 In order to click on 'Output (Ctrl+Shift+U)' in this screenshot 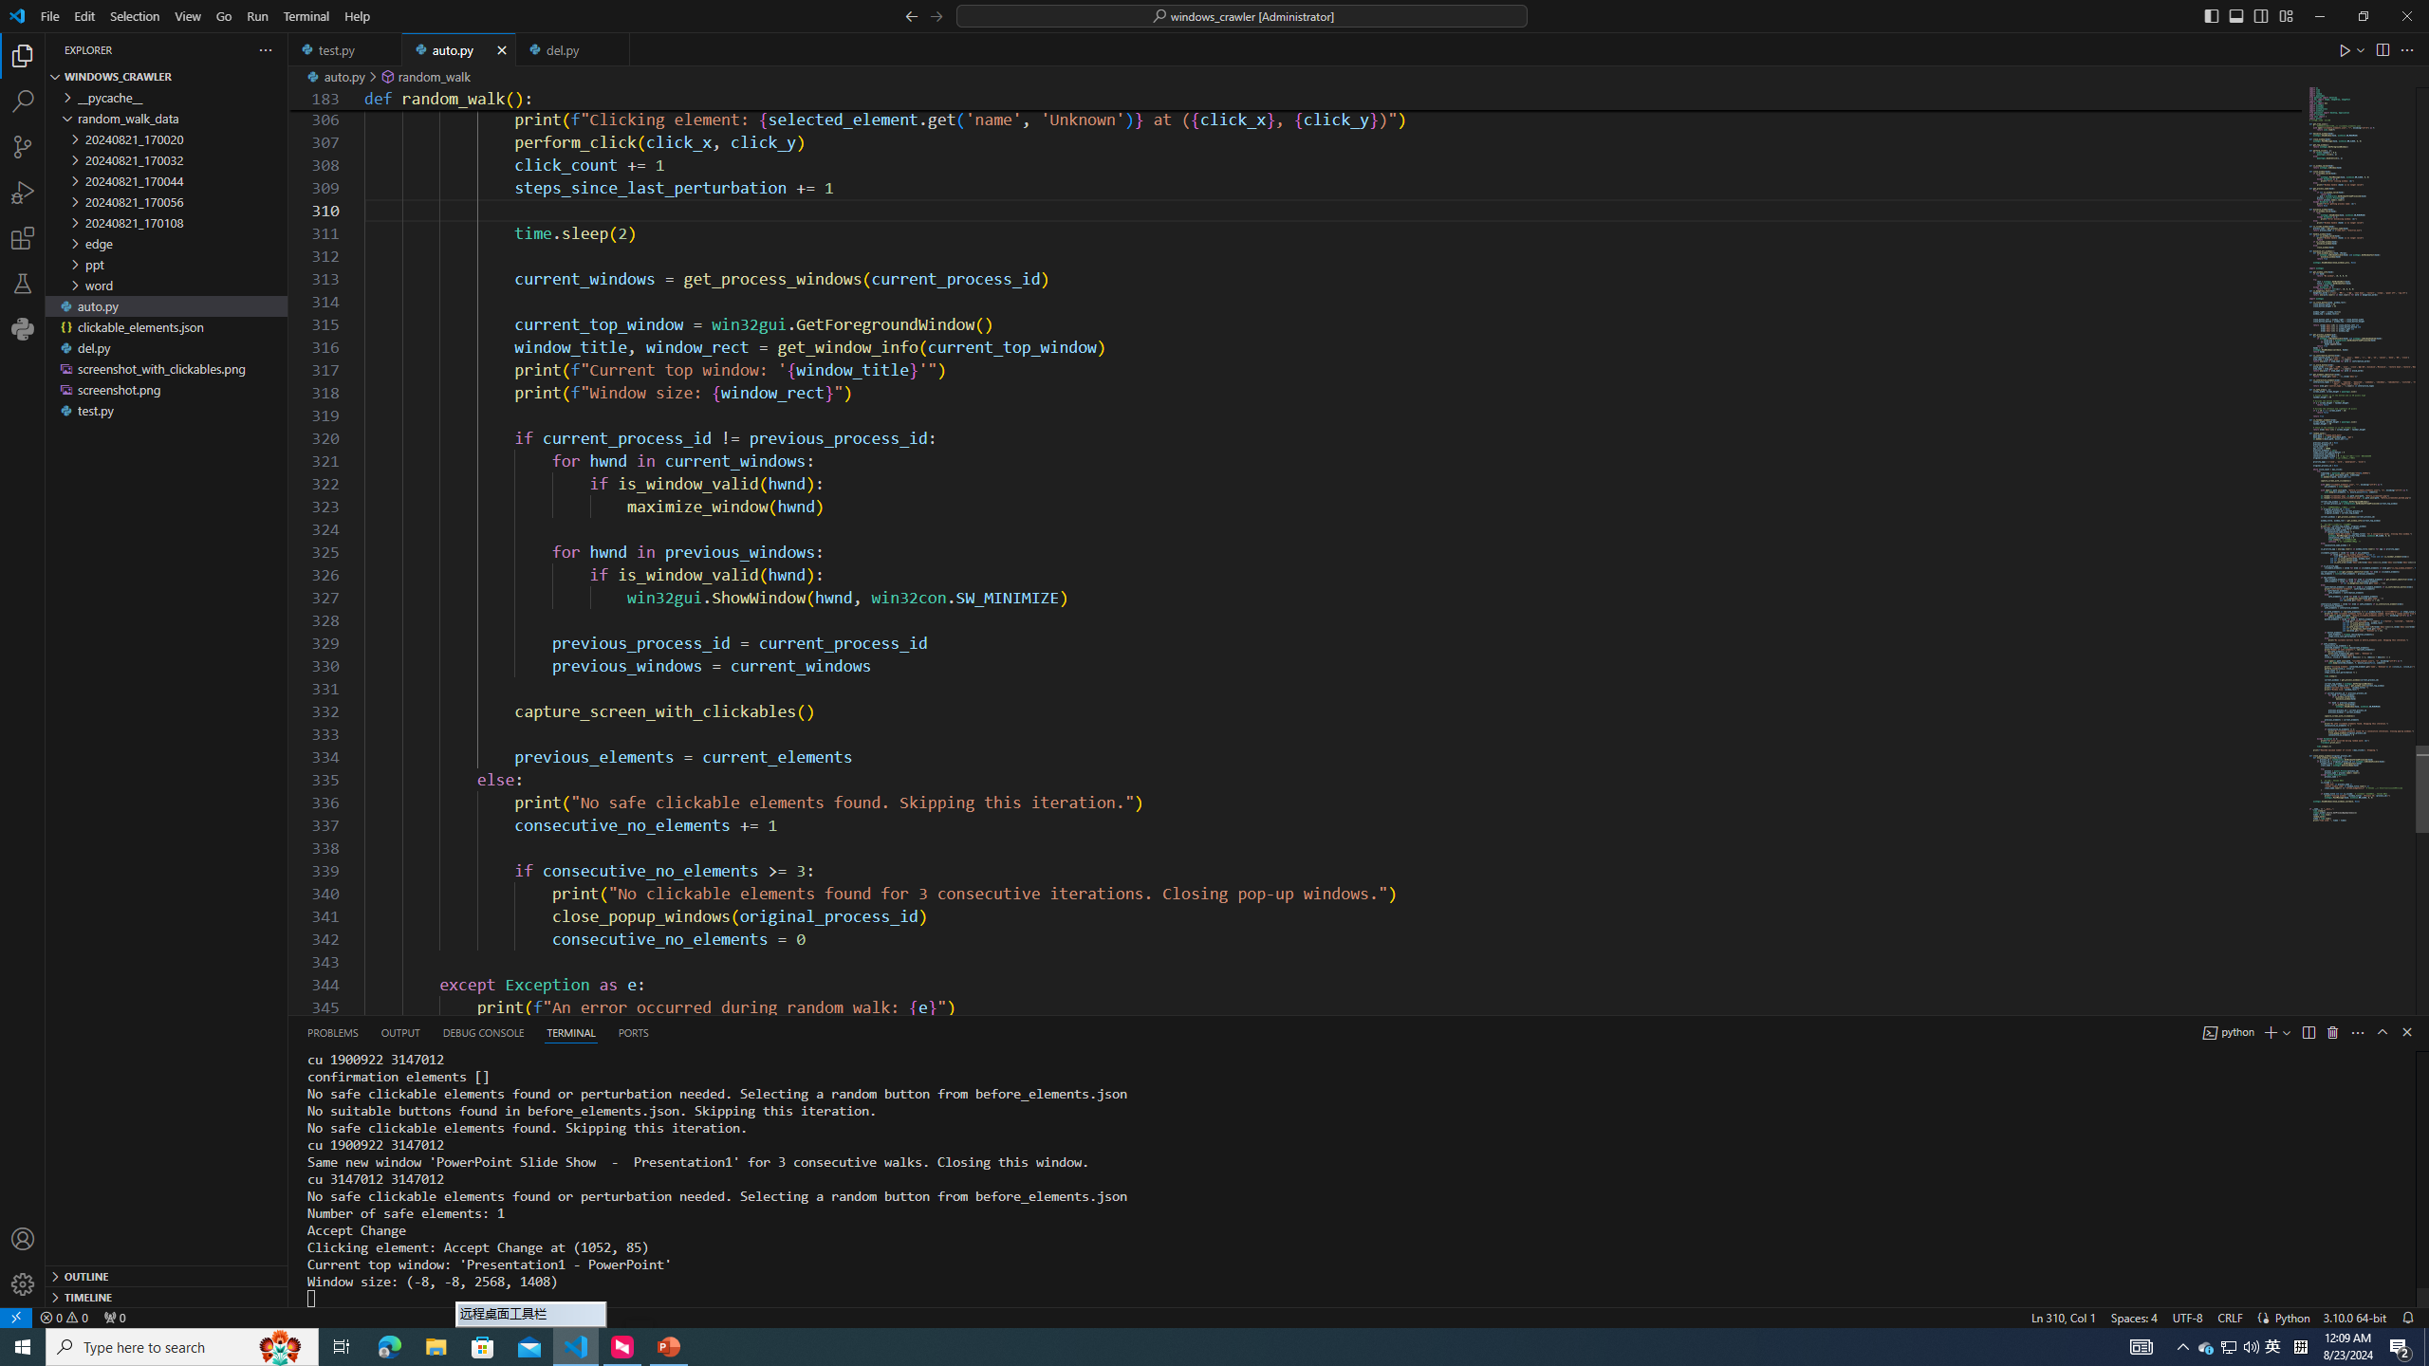, I will do `click(399, 1031)`.